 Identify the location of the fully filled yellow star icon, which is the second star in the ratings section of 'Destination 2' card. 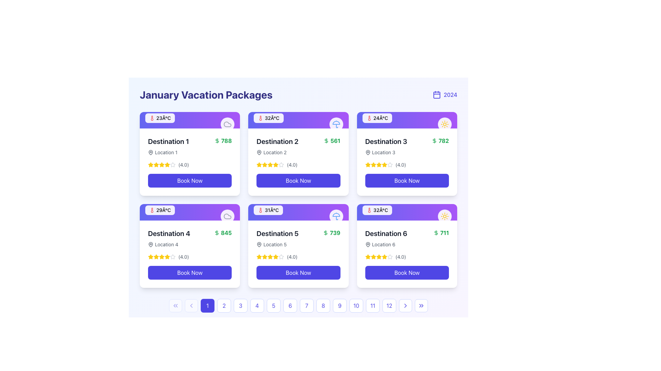
(259, 165).